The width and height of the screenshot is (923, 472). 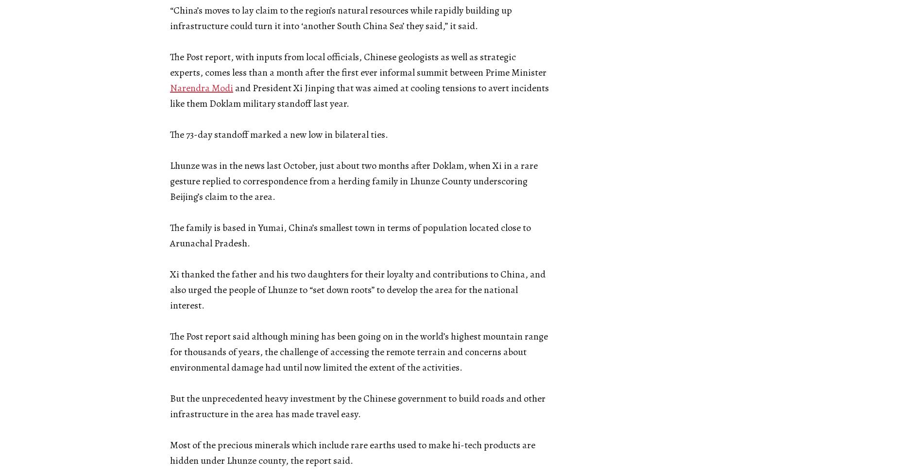 What do you see at coordinates (358, 64) in the screenshot?
I see `'The Post report, with inputs from local officials, Chinese geologists as well as strategic experts, comes less than a month after the first ever informal summit between Prime Minister'` at bounding box center [358, 64].